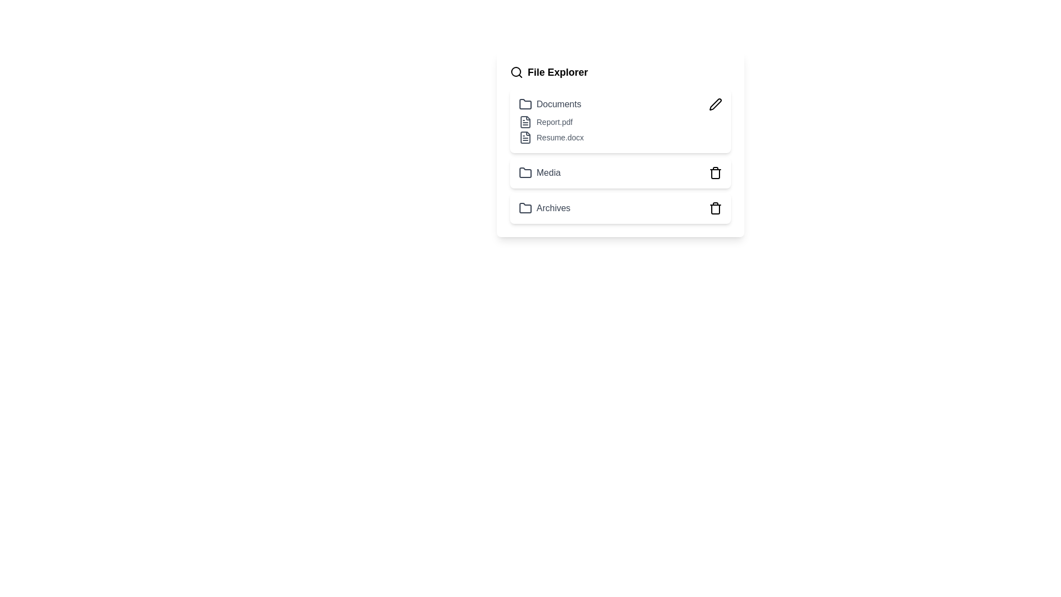 The image size is (1061, 597). What do you see at coordinates (550, 104) in the screenshot?
I see `the folder icon in the 'Documents' label` at bounding box center [550, 104].